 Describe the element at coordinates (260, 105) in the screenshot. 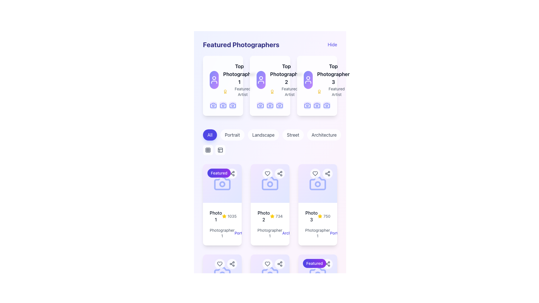

I see `the top portion of the camera icon located beneath the 'Top Photographer 2' card in the 'Featured Photographers' section to interact with the icon` at that location.